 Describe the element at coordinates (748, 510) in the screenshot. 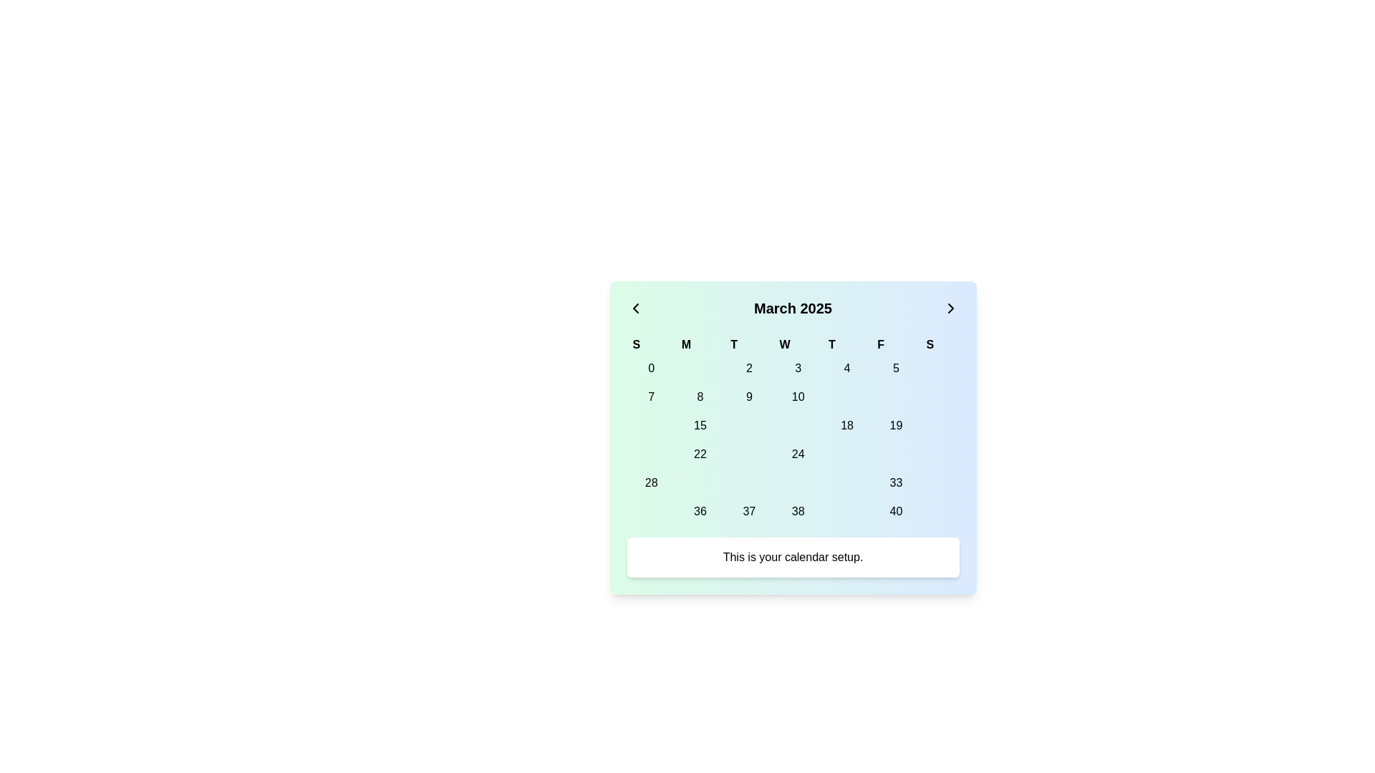

I see `the text element displaying the number 37, which is the third item in a sequence of numbered items in a calendar view` at that location.